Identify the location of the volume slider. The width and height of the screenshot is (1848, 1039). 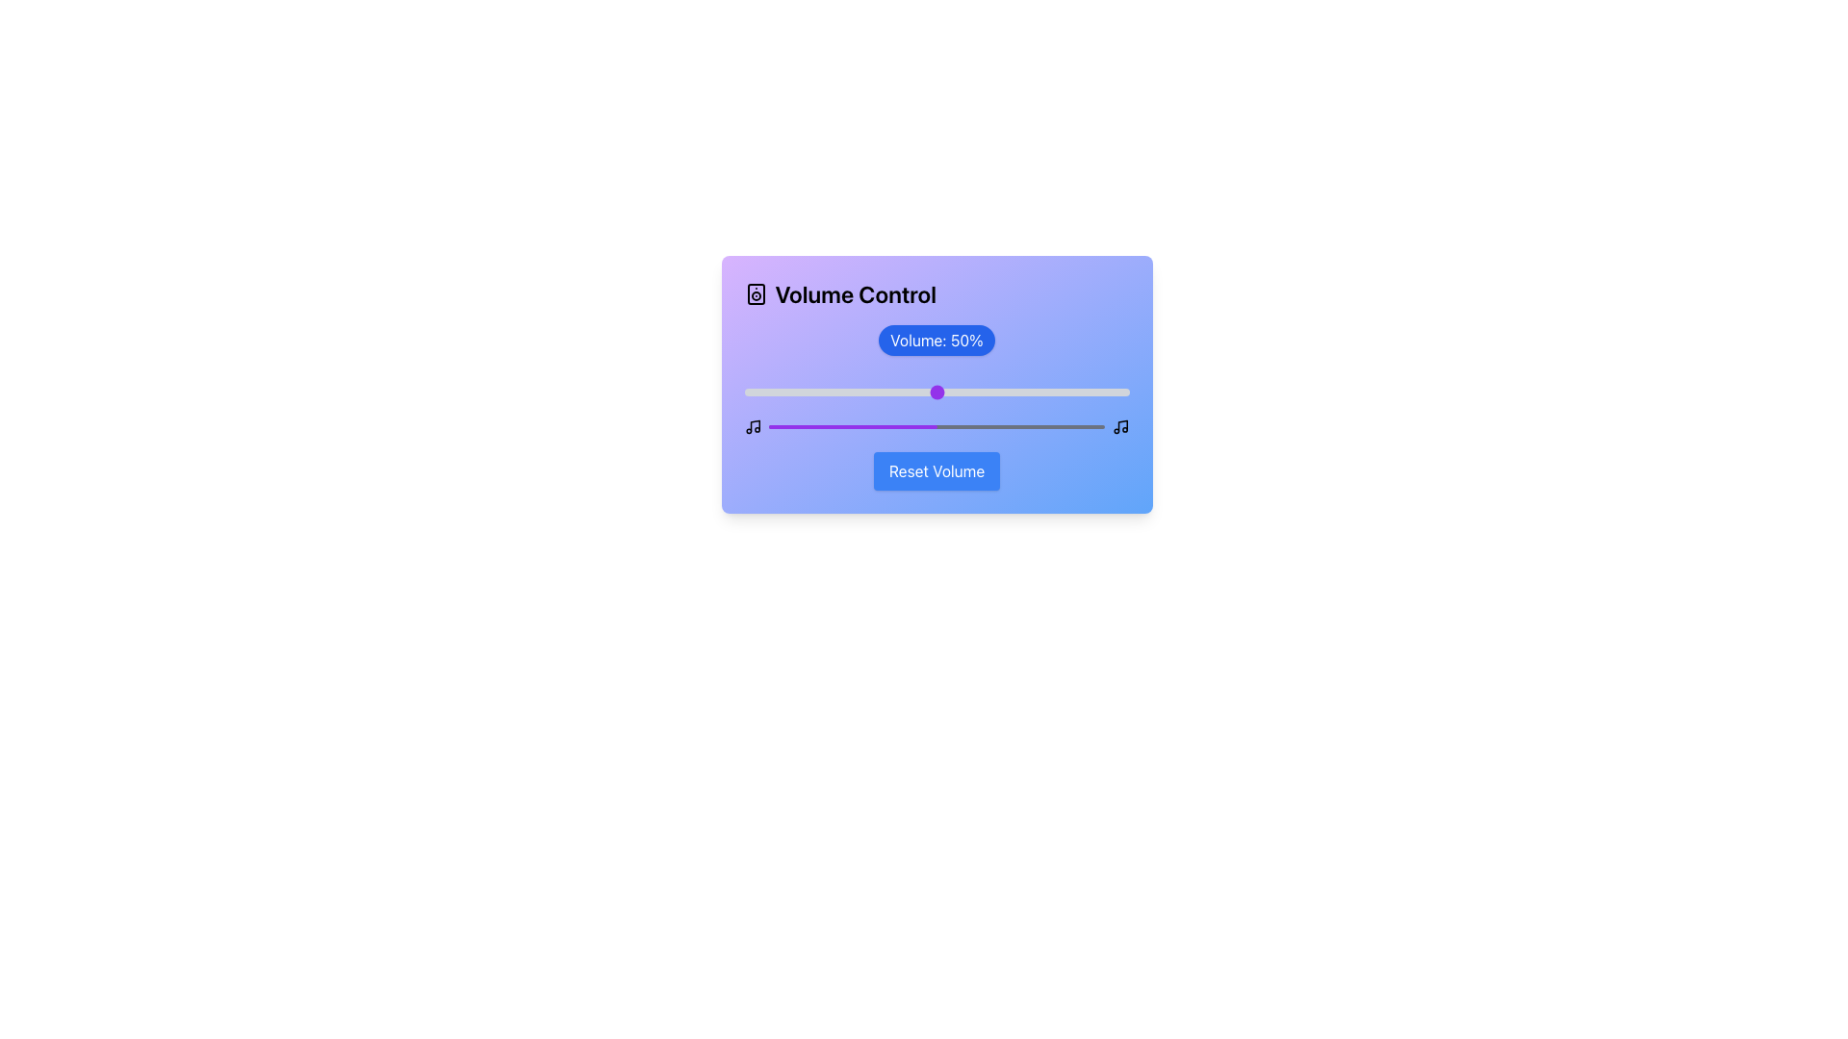
(794, 392).